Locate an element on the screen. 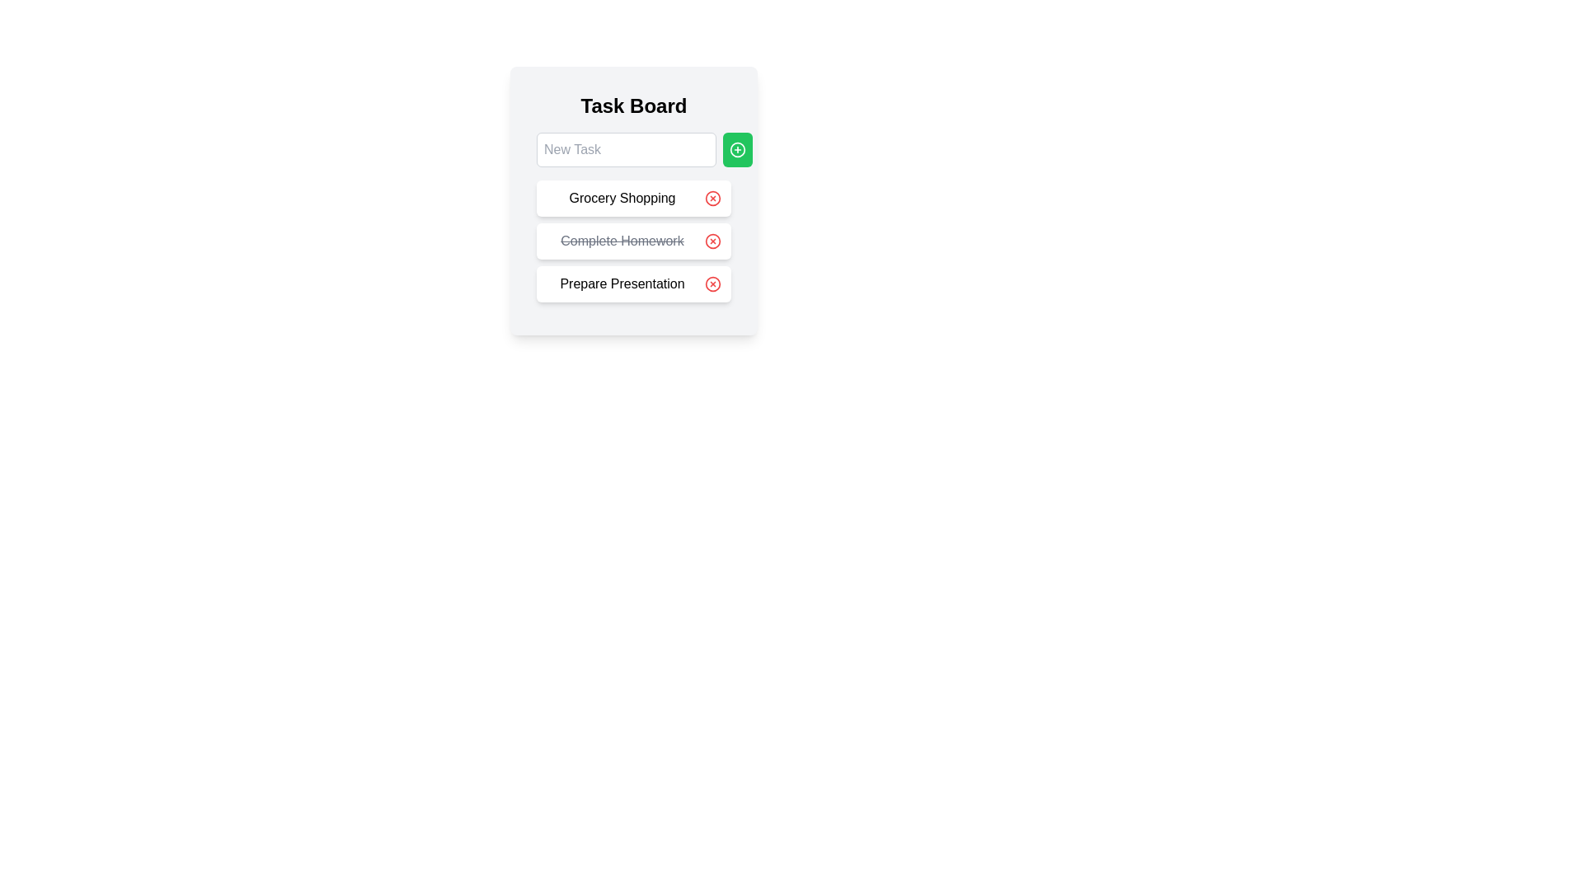 The image size is (1583, 890). the circular SVG graphical element that serves as a border for the delete icon, located to the right of the 'Prepare Presentation' item on the task list is located at coordinates (712, 283).